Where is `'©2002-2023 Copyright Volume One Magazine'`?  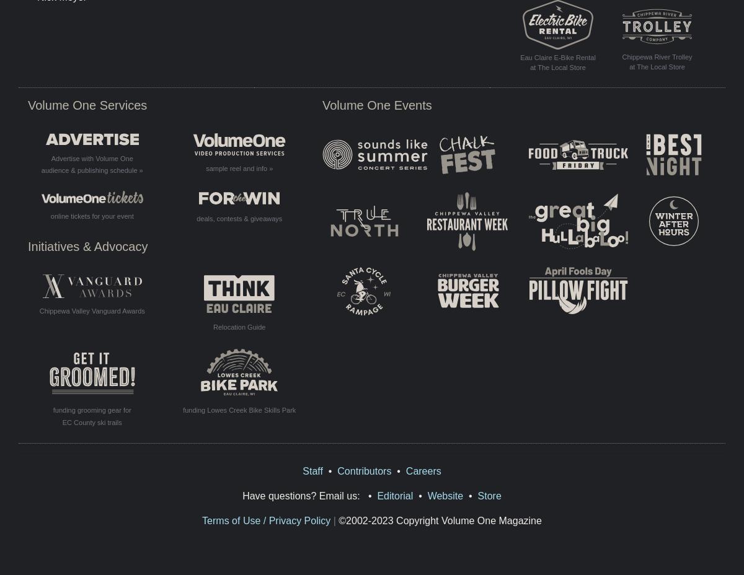
'©2002-2023 Copyright Volume One Magazine' is located at coordinates (440, 520).